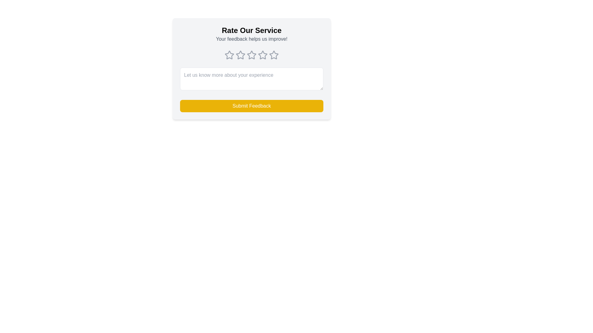 The width and height of the screenshot is (593, 333). What do you see at coordinates (240, 55) in the screenshot?
I see `the third rating star icon, which is part of a sequence of five stars below the heading 'Rate Our Service', to receive interaction feedback` at bounding box center [240, 55].